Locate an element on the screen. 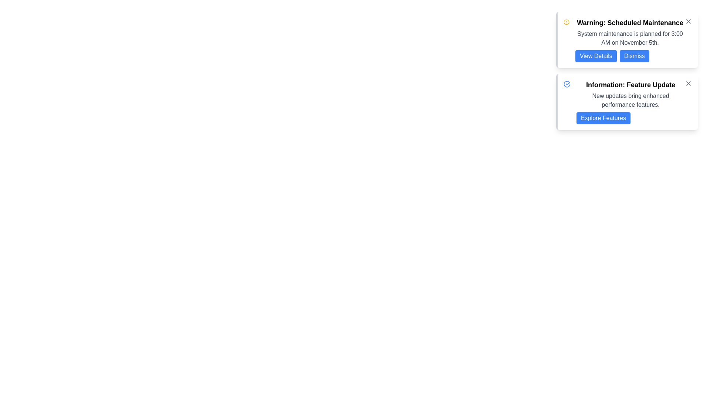 The height and width of the screenshot is (399, 710). the blue button labeled 'Explore Features' is located at coordinates (630, 118).